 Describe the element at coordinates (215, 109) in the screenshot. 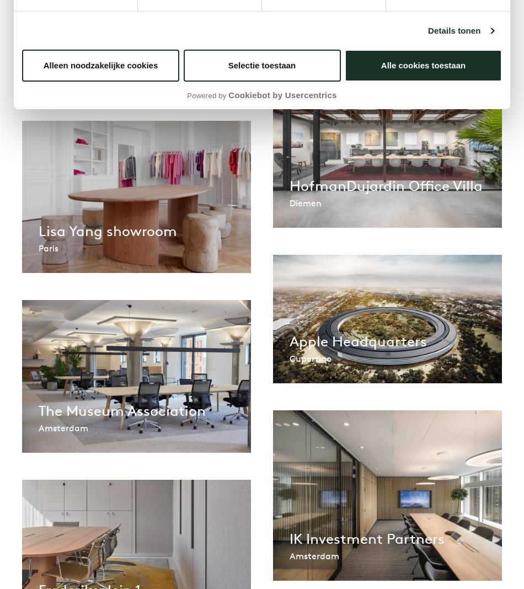

I see `'Our designers'` at that location.